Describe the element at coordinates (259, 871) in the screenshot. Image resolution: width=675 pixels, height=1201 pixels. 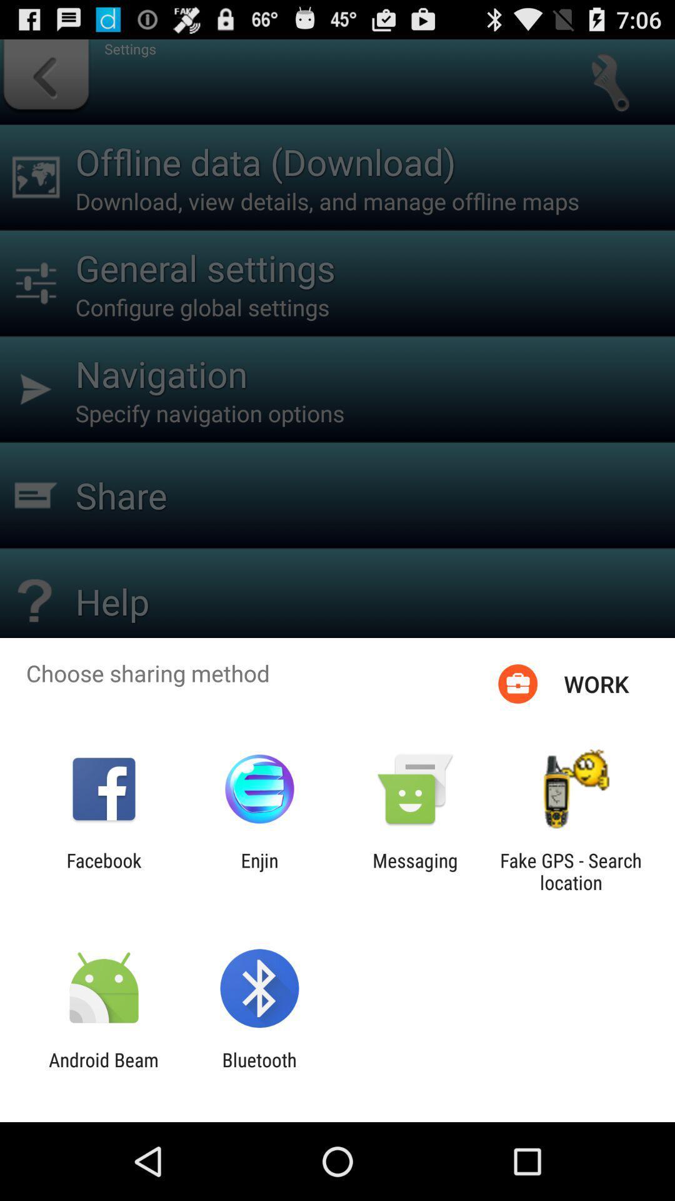
I see `item to the left of the messaging app` at that location.